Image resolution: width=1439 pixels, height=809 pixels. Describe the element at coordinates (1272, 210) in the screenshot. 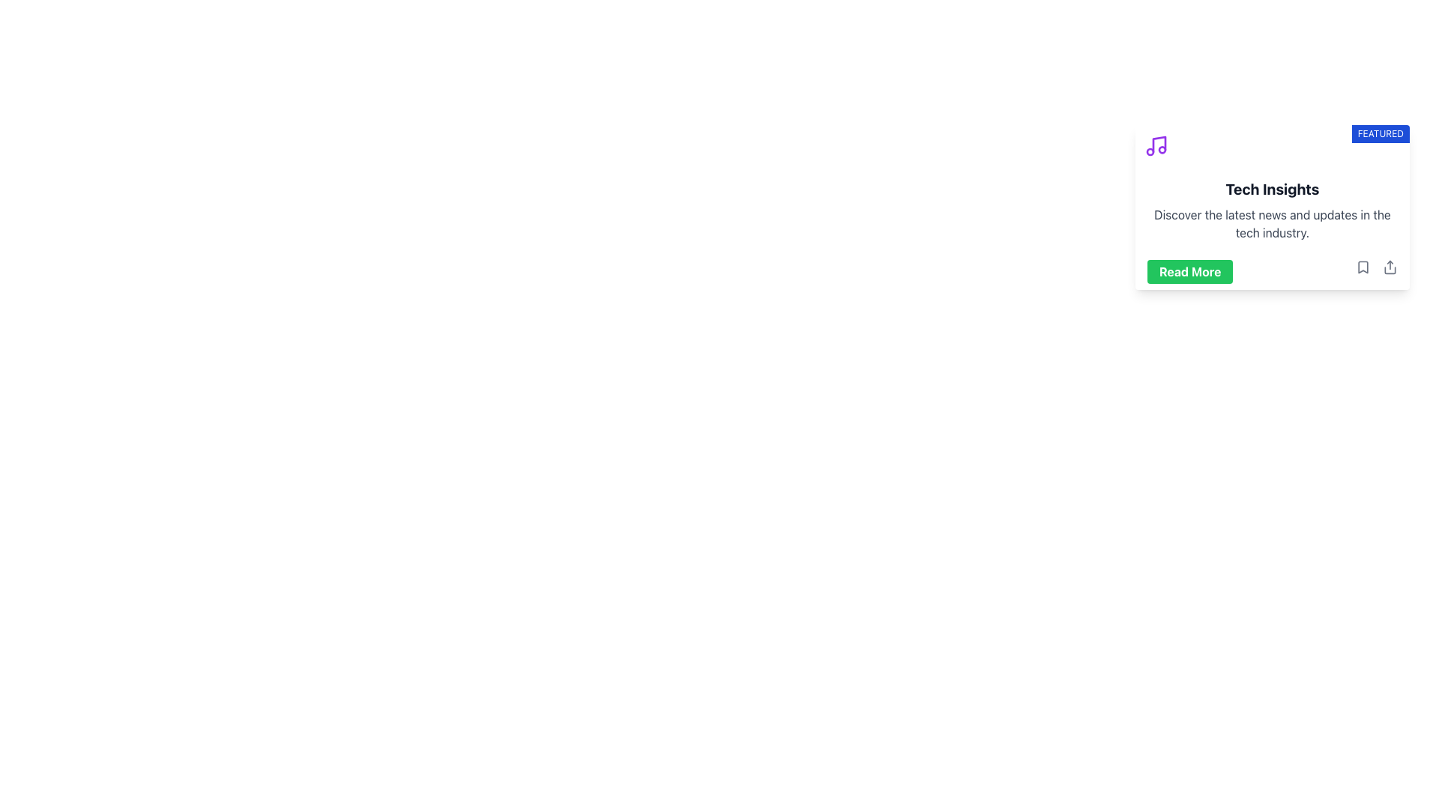

I see `the text block containing the heading 'Tech Insights' and the descriptive text about the tech industry` at that location.